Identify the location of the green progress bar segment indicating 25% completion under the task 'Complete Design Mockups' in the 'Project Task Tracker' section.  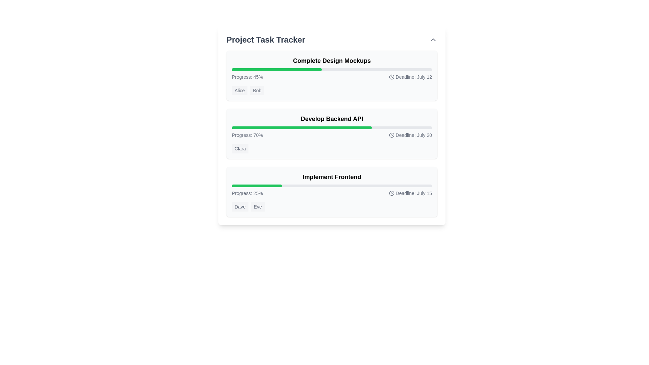
(256, 186).